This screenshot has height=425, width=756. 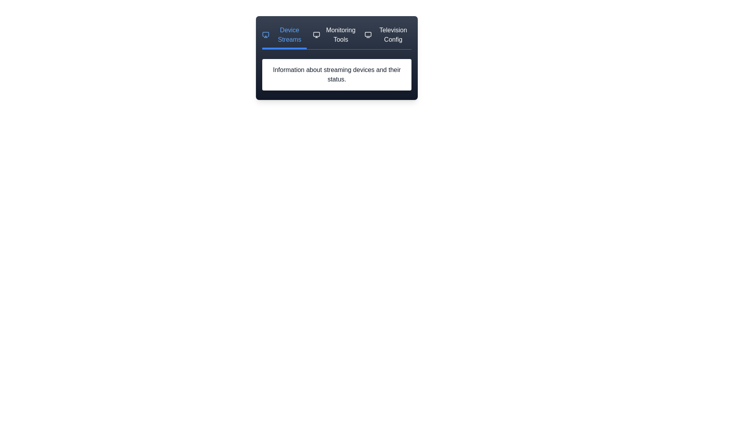 I want to click on the tab labeled 'Television Config', so click(x=387, y=37).